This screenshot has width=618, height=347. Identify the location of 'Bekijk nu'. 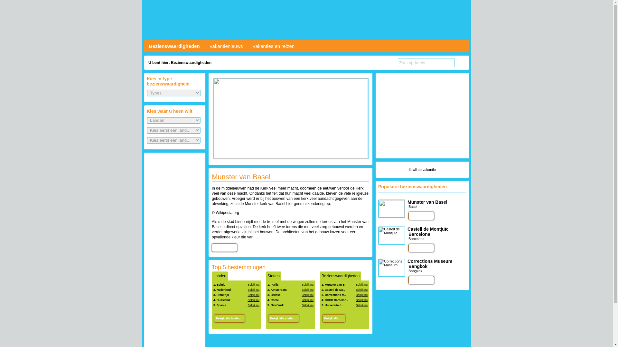
(253, 300).